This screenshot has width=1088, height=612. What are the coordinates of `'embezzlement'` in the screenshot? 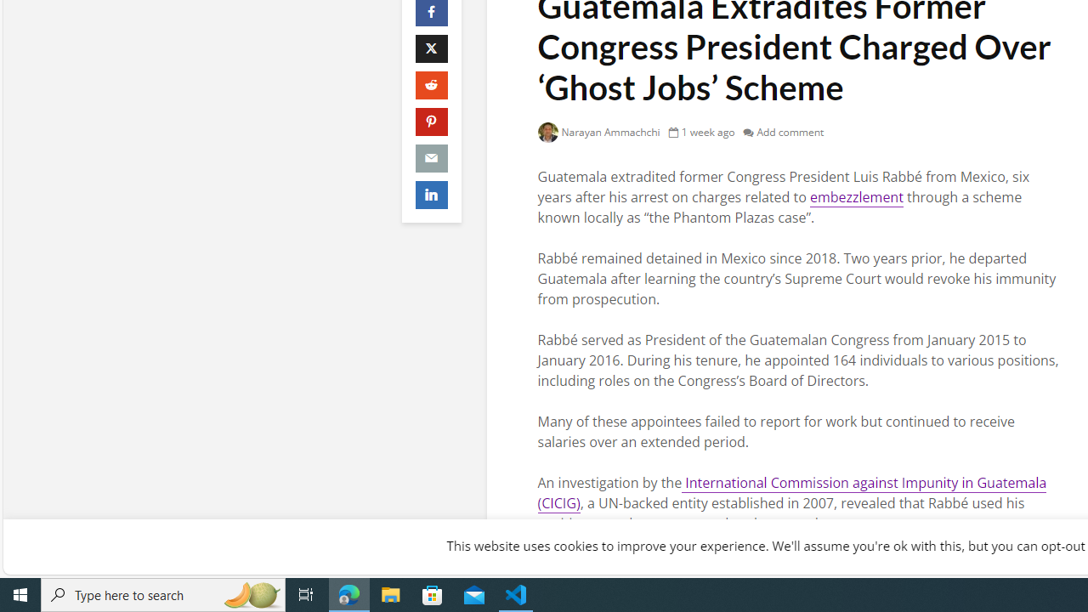 It's located at (856, 196).